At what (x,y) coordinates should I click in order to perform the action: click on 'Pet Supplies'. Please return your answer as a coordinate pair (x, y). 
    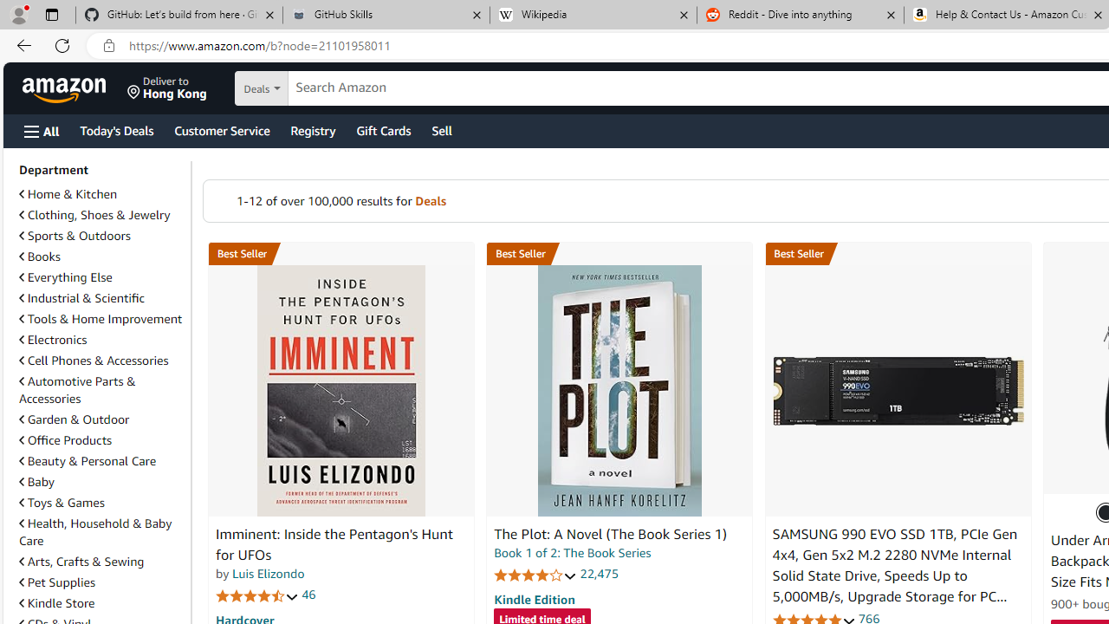
    Looking at the image, I should click on (56, 582).